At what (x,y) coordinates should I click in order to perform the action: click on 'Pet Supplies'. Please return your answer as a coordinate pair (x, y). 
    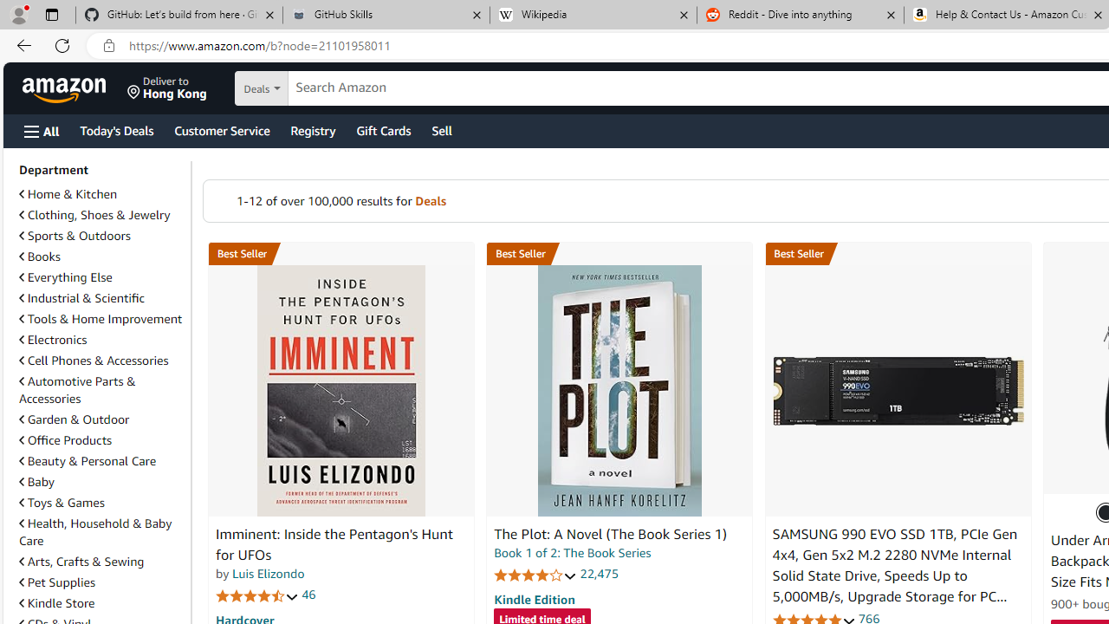
    Looking at the image, I should click on (56, 582).